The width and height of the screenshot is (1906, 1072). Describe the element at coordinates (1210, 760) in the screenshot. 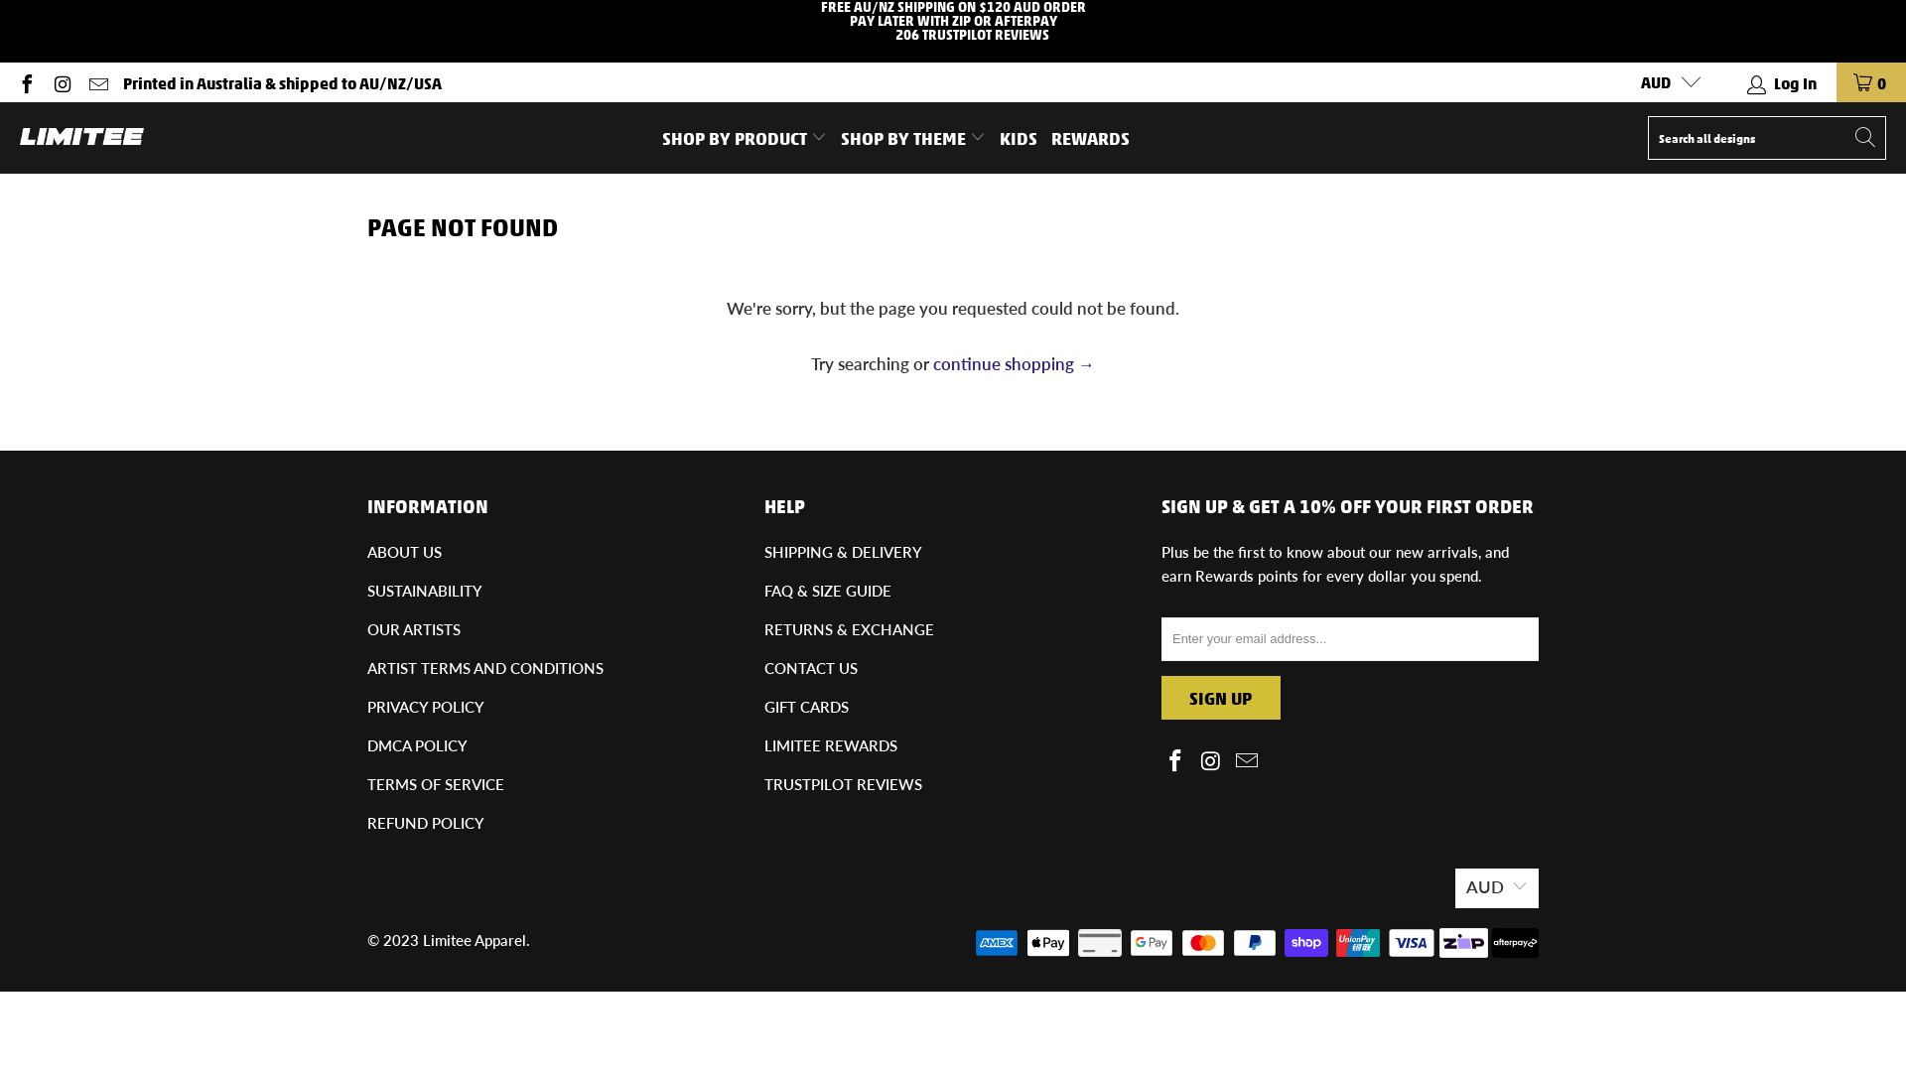

I see `'Limitee Apparel on Instagram'` at that location.